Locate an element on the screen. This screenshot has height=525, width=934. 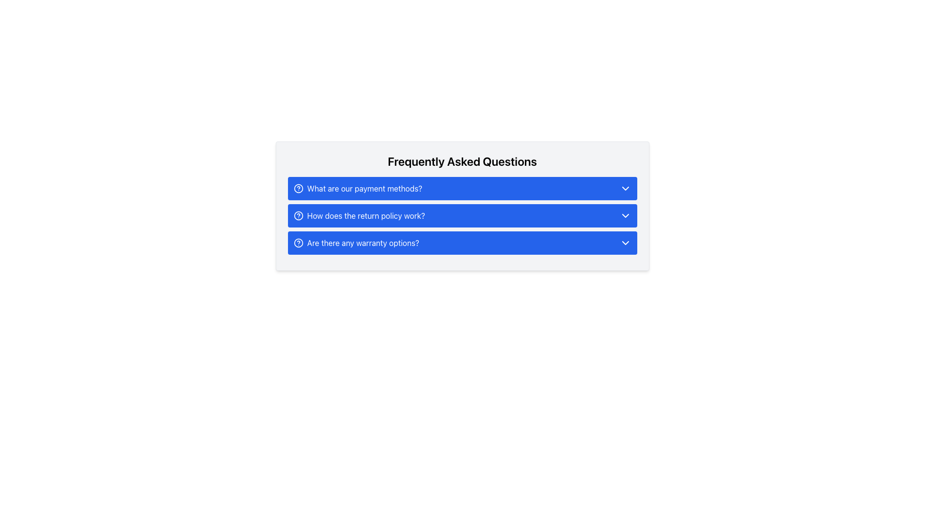
the chevron icon button at the right end of the header labeled 'What are our payment methods?' is located at coordinates (625, 189).